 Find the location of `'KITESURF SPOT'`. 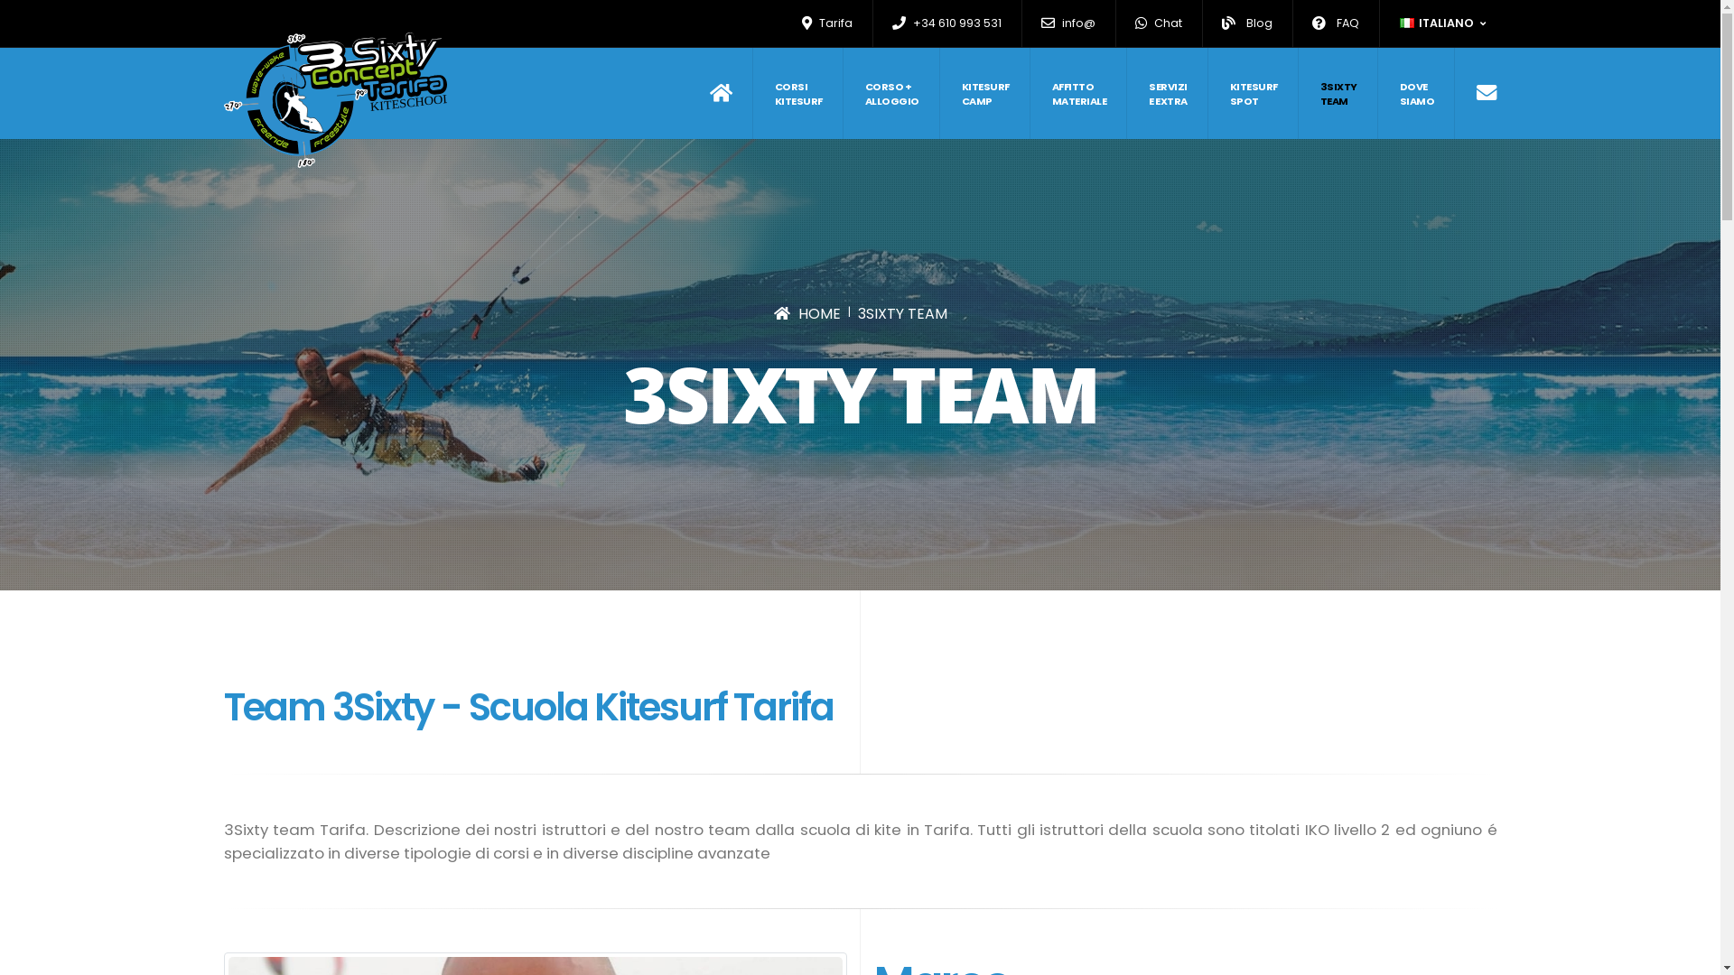

'KITESURF SPOT' is located at coordinates (1209, 93).